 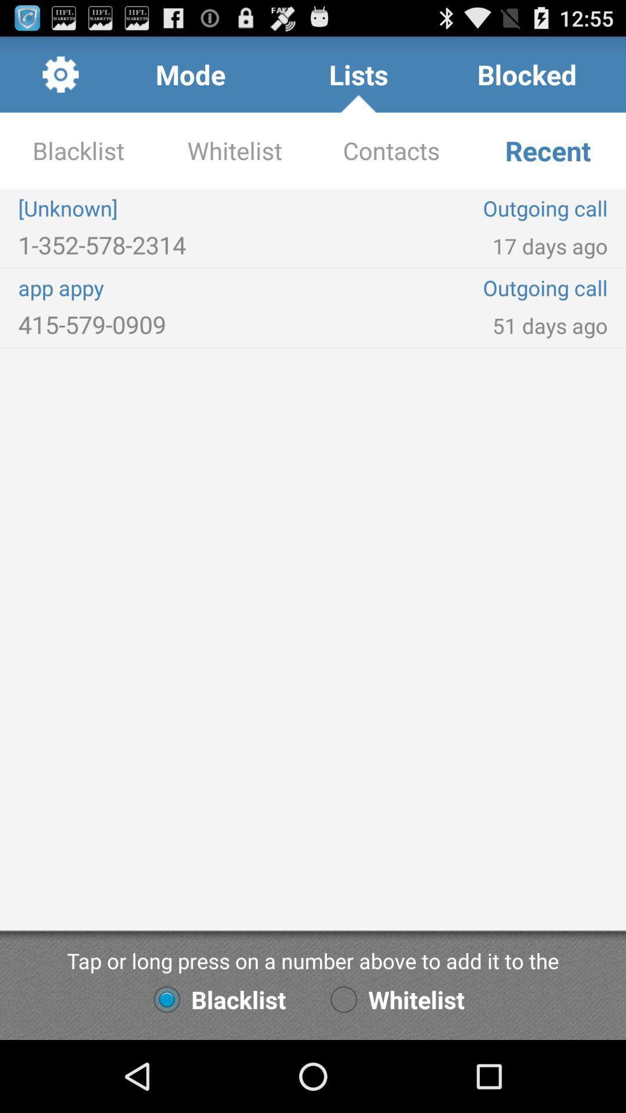 What do you see at coordinates (527, 74) in the screenshot?
I see `the icon to the right of the lists icon` at bounding box center [527, 74].